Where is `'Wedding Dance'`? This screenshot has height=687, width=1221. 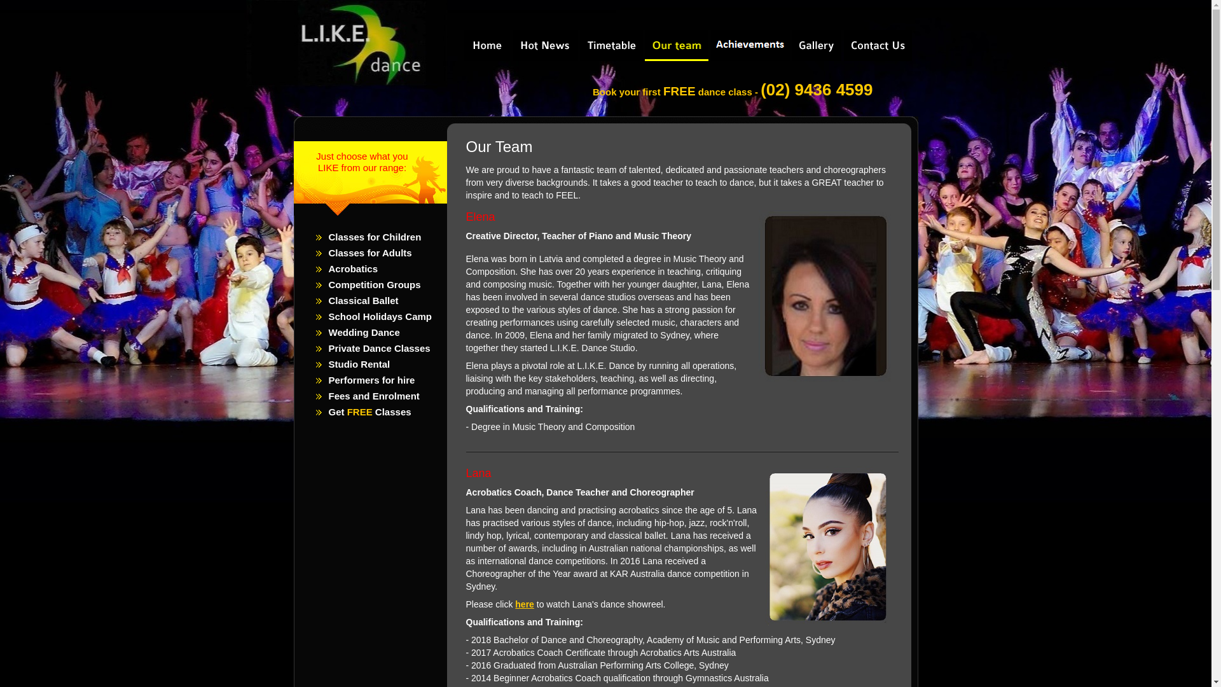
'Wedding Dance' is located at coordinates (362, 331).